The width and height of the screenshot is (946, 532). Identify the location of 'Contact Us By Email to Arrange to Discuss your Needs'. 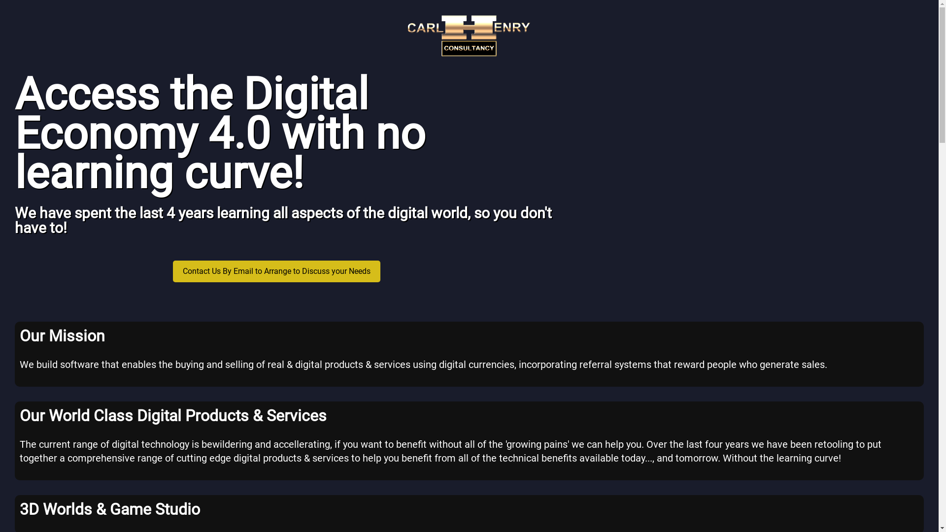
(276, 271).